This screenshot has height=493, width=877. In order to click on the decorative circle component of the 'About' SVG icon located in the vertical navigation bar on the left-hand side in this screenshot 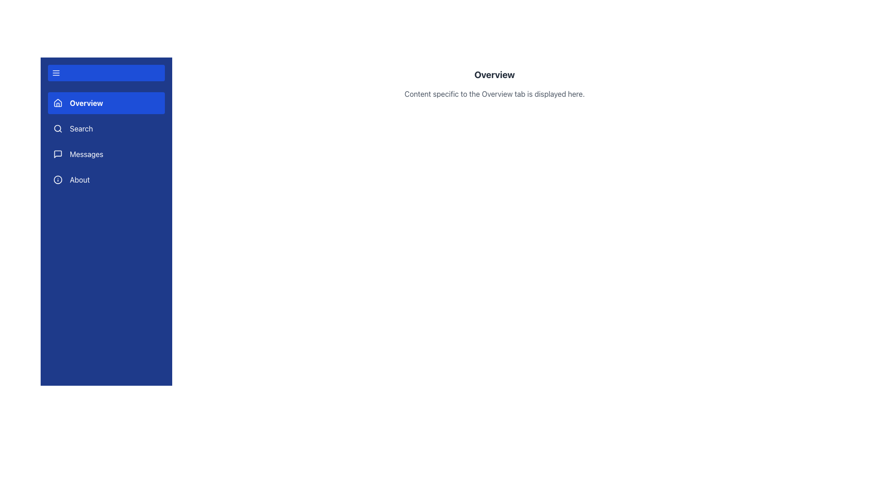, I will do `click(57, 179)`.